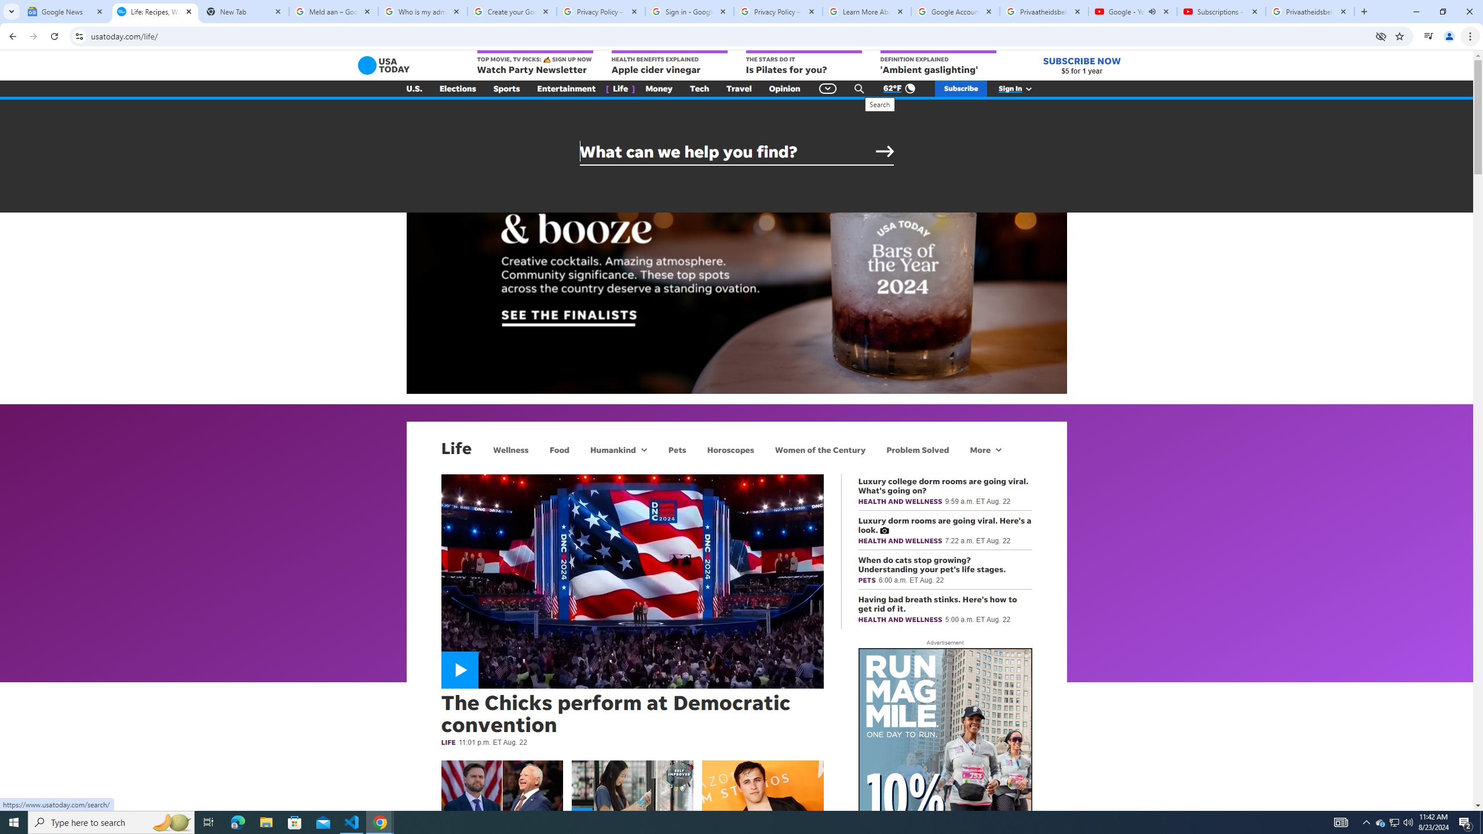 The width and height of the screenshot is (1483, 834). I want to click on 'Sign in - Google Accounts', so click(689, 11).